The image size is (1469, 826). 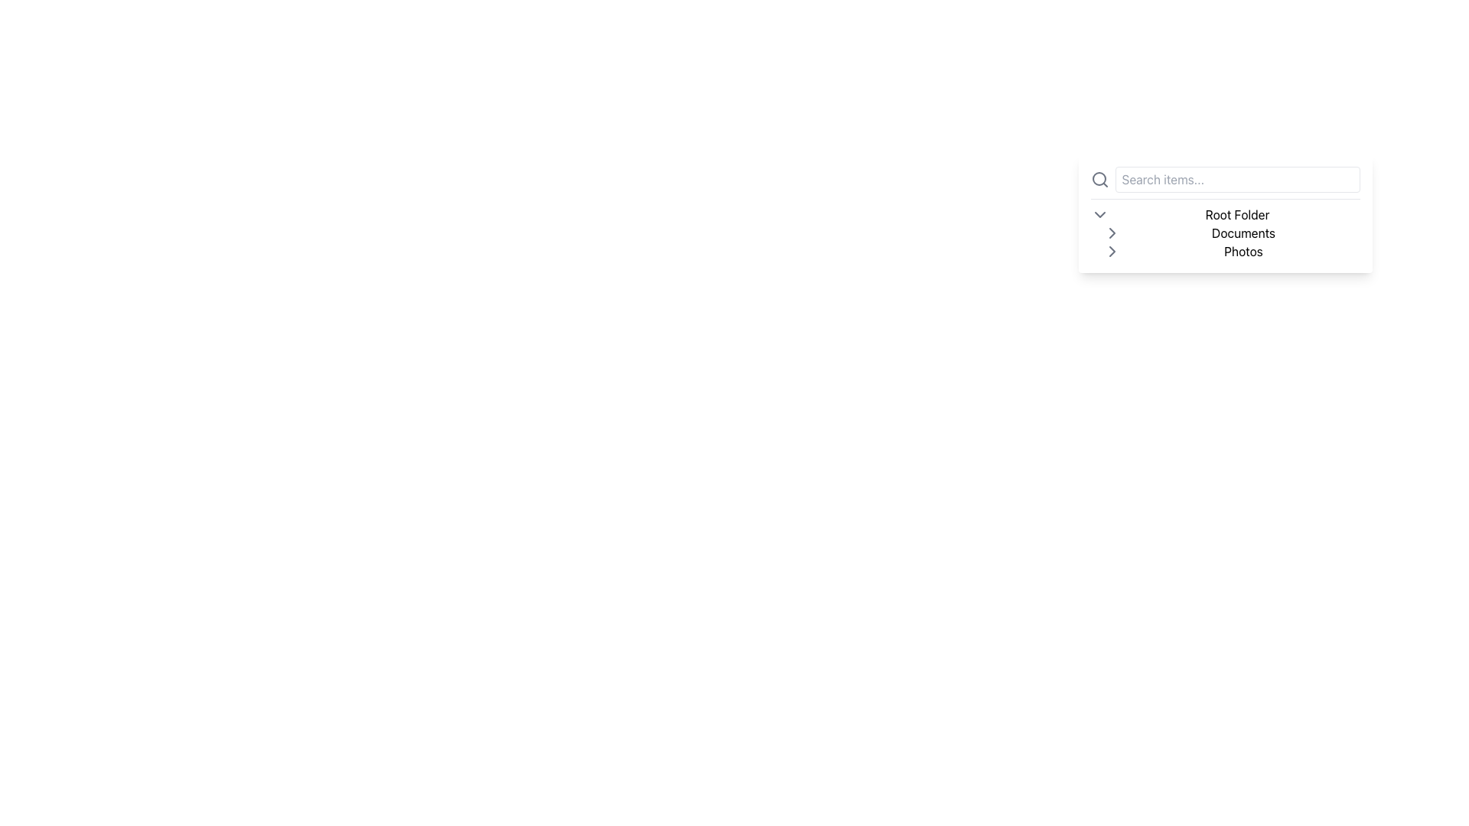 What do you see at coordinates (1243, 233) in the screenshot?
I see `the 'Documents' text label` at bounding box center [1243, 233].